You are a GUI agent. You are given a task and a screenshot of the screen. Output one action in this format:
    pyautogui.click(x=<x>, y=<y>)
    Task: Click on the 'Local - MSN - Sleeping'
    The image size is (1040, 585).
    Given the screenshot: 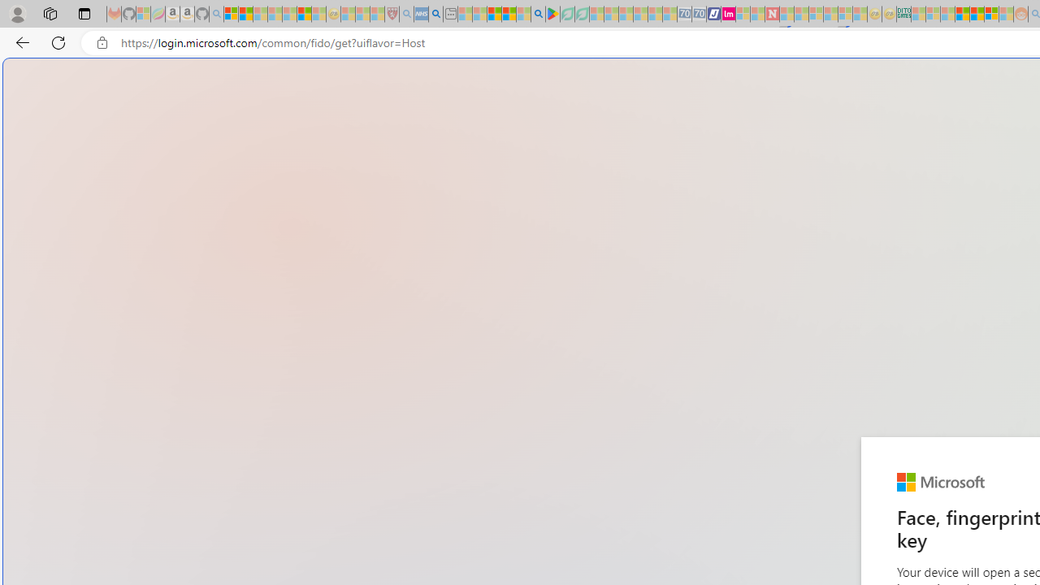 What is the action you would take?
    pyautogui.click(x=376, y=14)
    